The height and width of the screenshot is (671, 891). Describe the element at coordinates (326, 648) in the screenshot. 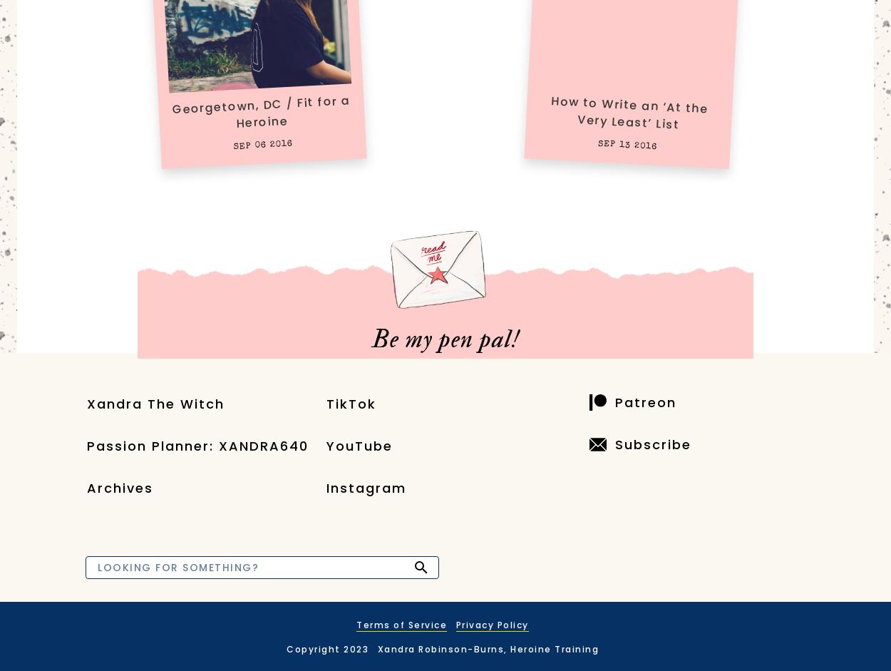

I see `'Copyright 2023'` at that location.